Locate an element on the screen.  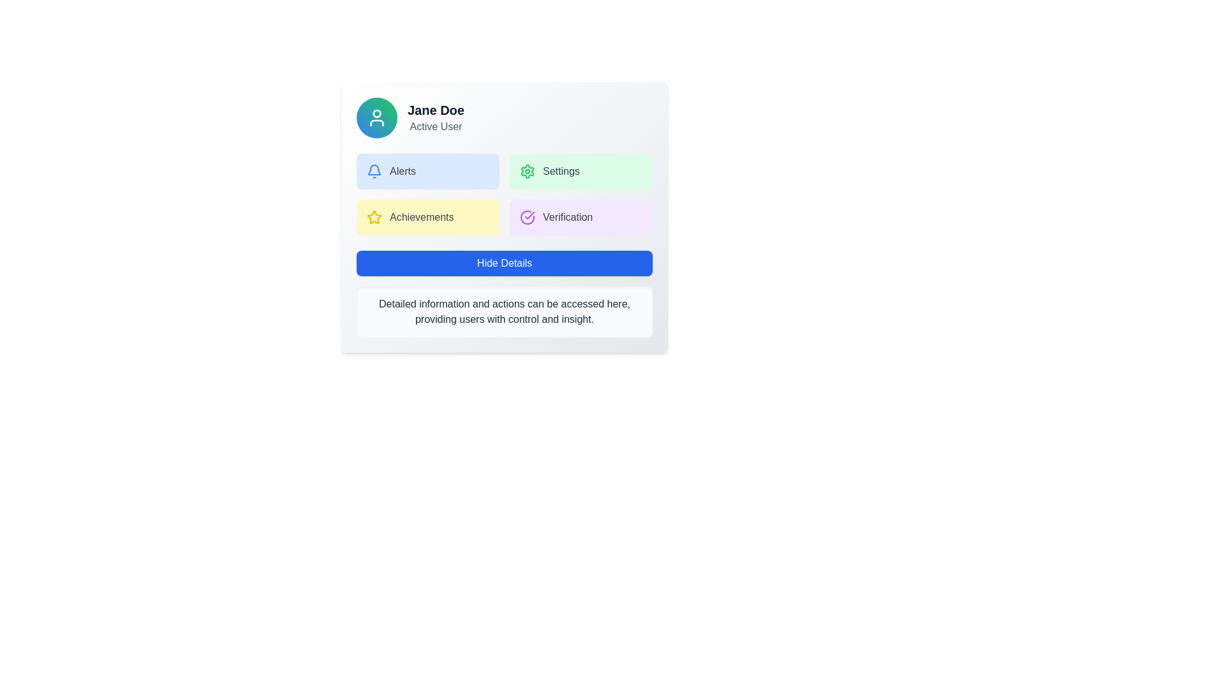
text label that displays 'Settings' styled in gray font on a light green background, located in the upper-right corner of the interface, next to a gear icon is located at coordinates (561, 171).